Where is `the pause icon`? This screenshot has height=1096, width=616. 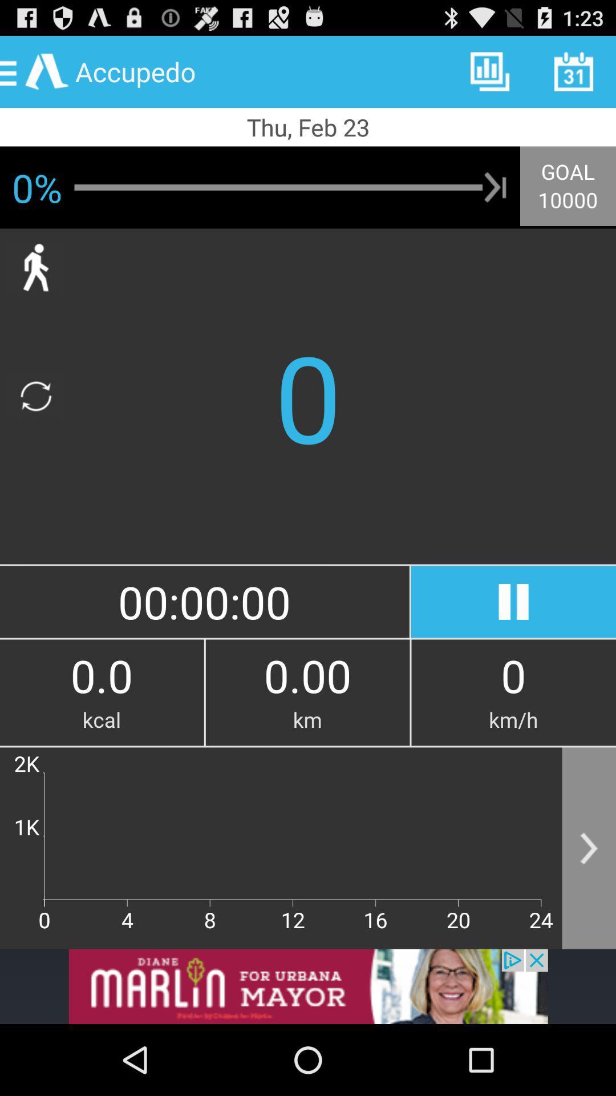 the pause icon is located at coordinates (513, 644).